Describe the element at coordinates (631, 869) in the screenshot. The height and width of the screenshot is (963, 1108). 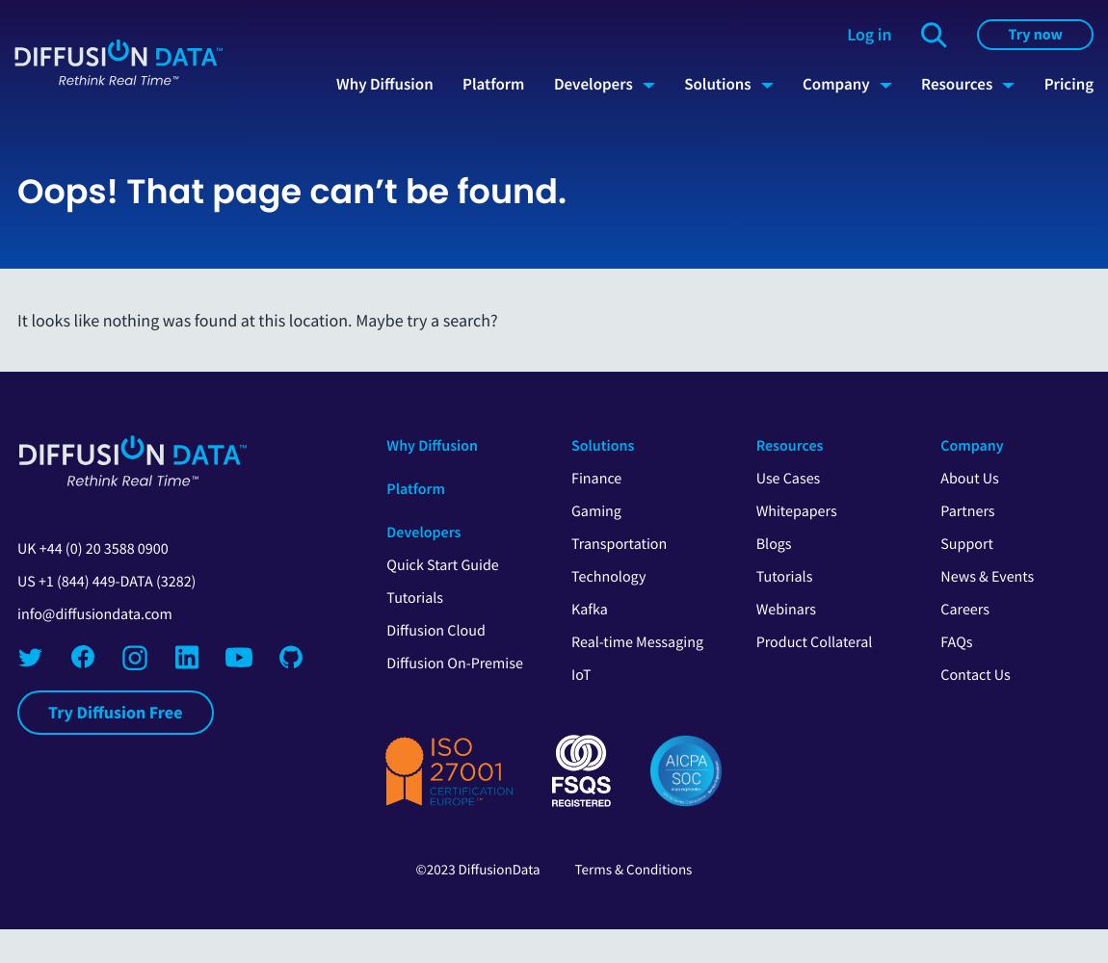
I see `'Terms & Conditions'` at that location.